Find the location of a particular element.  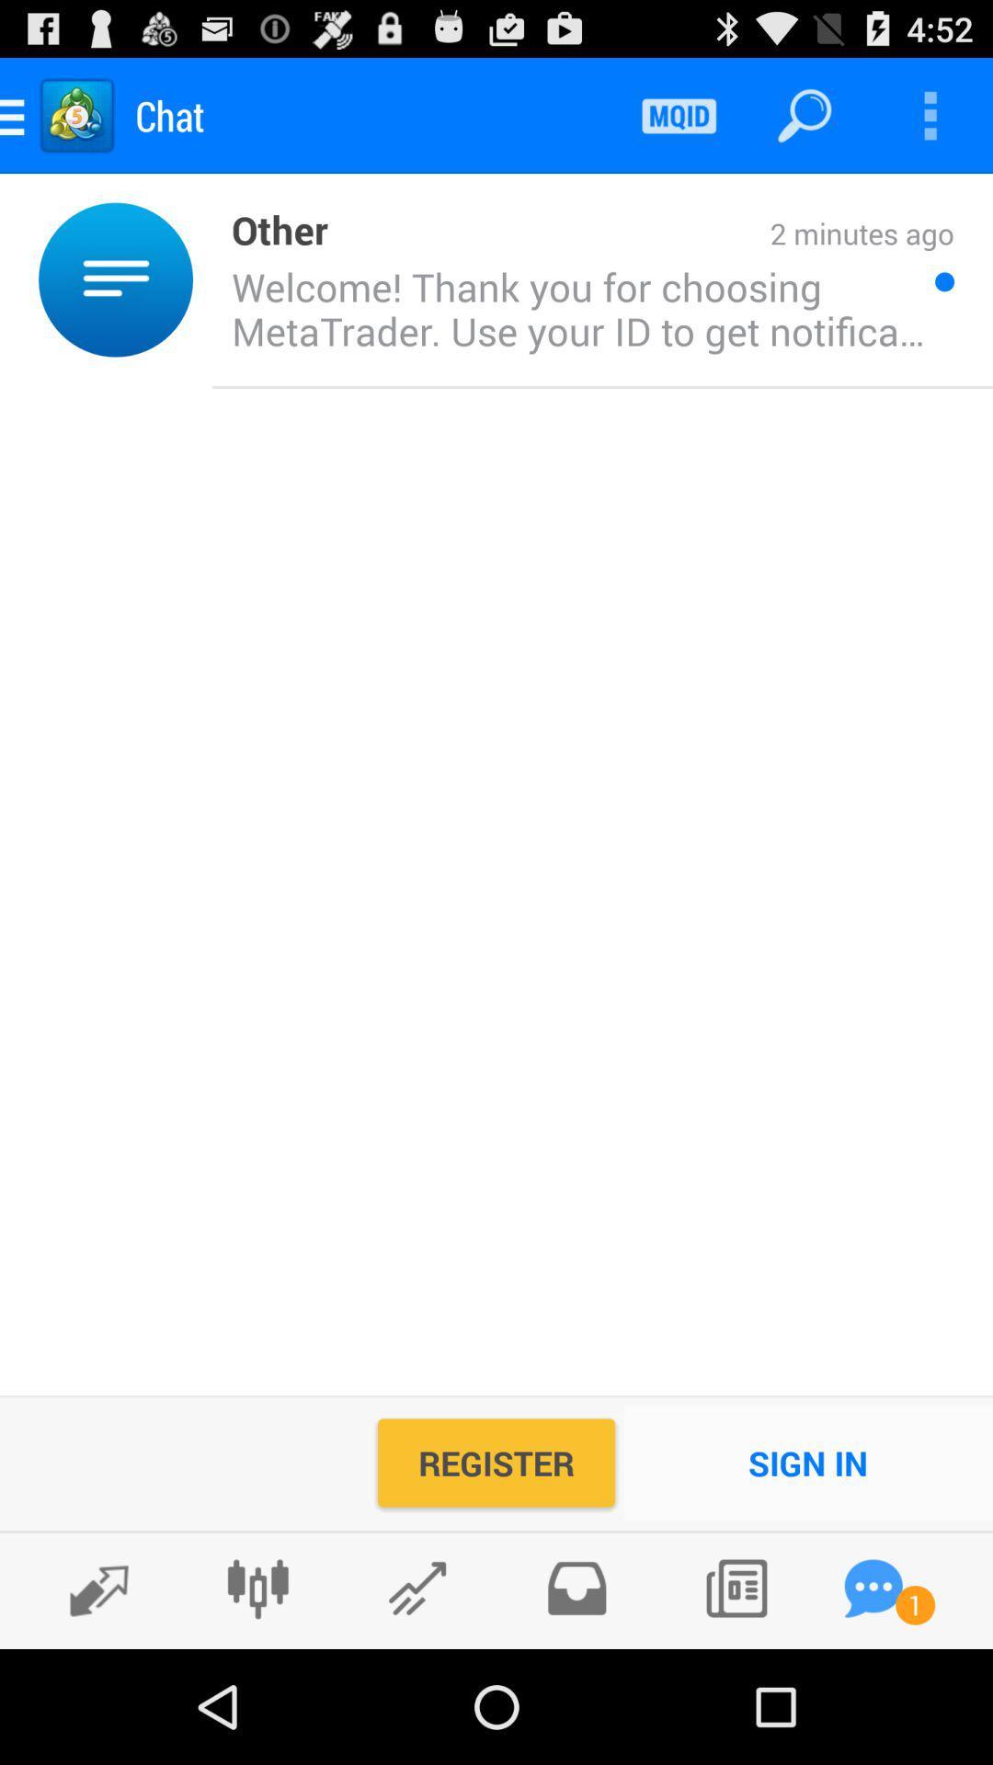

the chat icon is located at coordinates (873, 1699).